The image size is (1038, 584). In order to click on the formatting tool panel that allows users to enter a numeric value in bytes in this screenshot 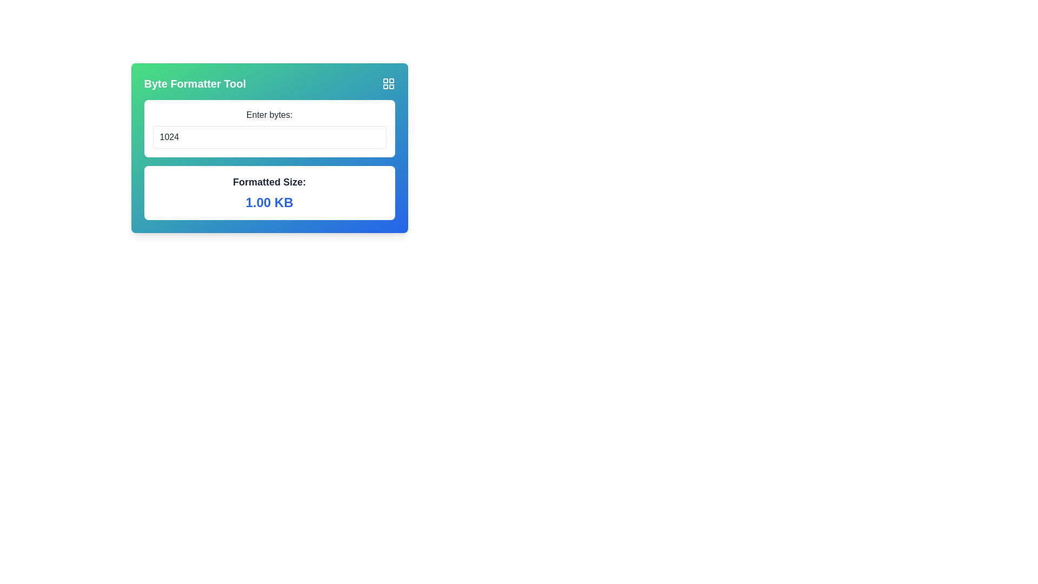, I will do `click(269, 148)`.